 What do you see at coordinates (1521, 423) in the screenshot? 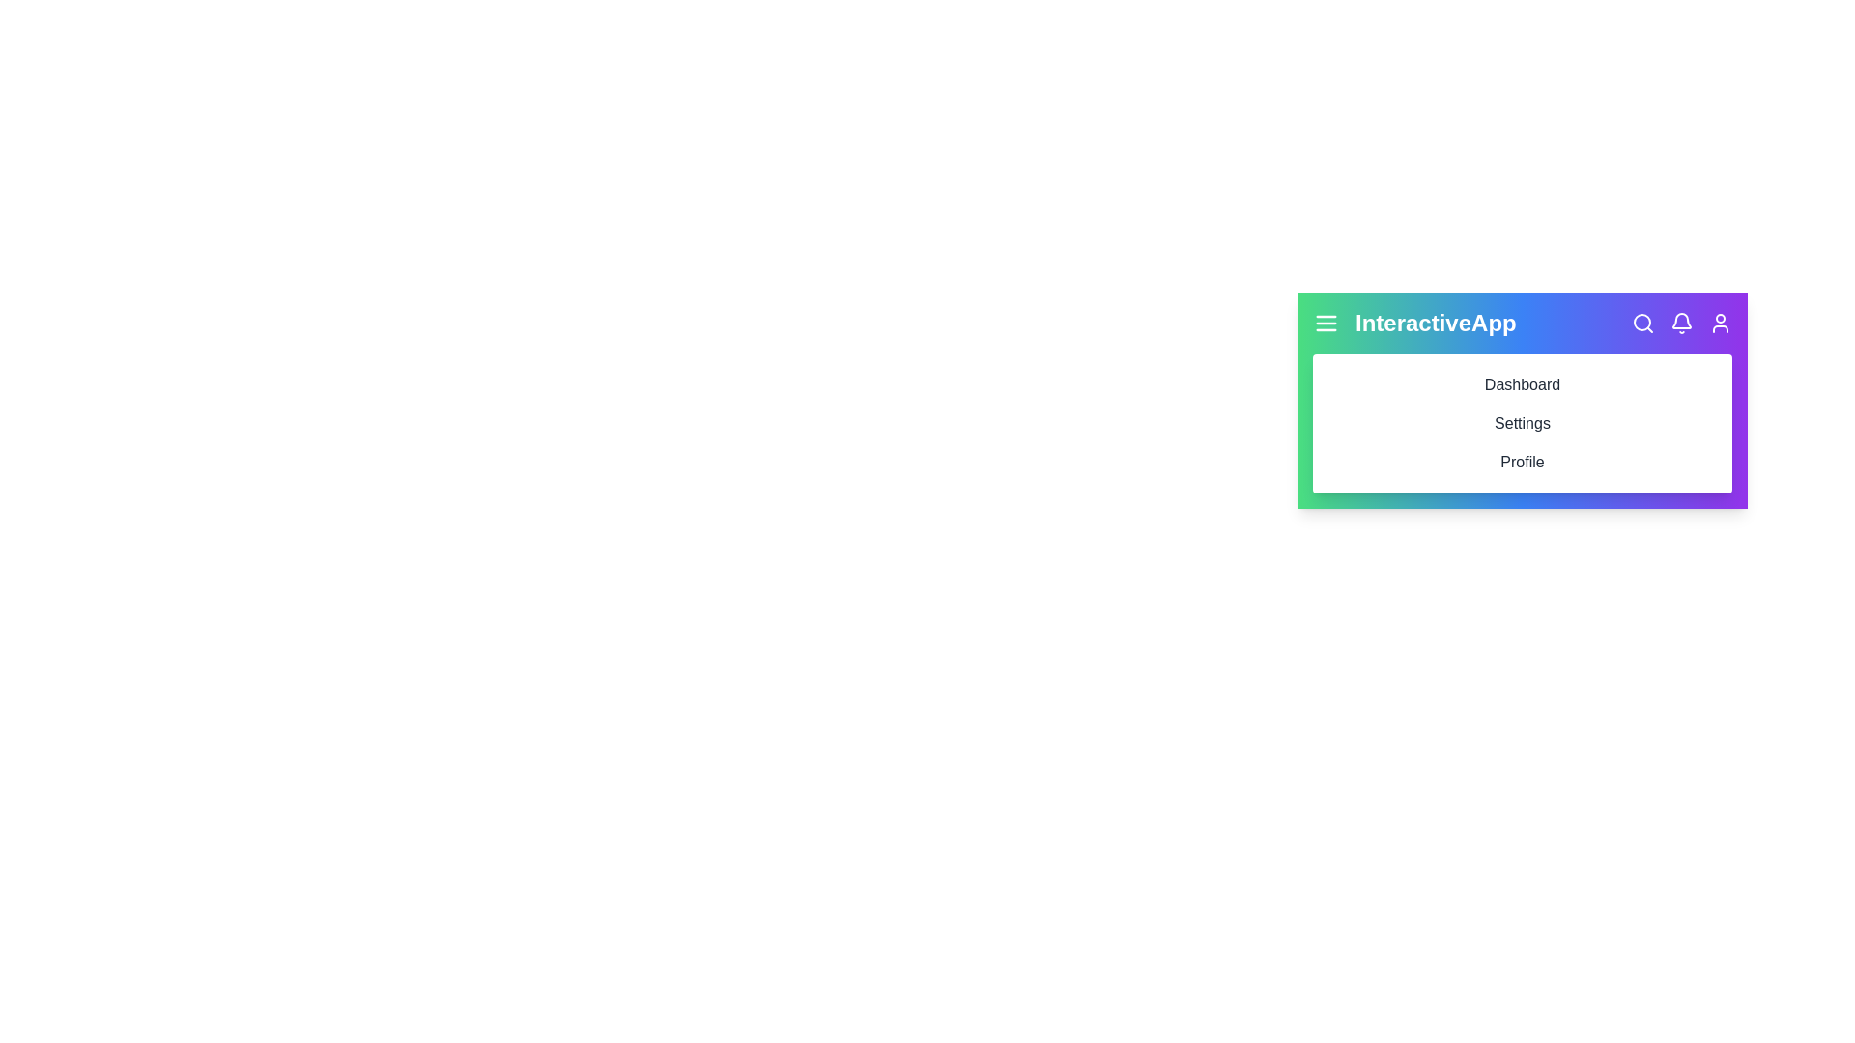
I see `the 'Settings' option in the dropdown menu` at bounding box center [1521, 423].